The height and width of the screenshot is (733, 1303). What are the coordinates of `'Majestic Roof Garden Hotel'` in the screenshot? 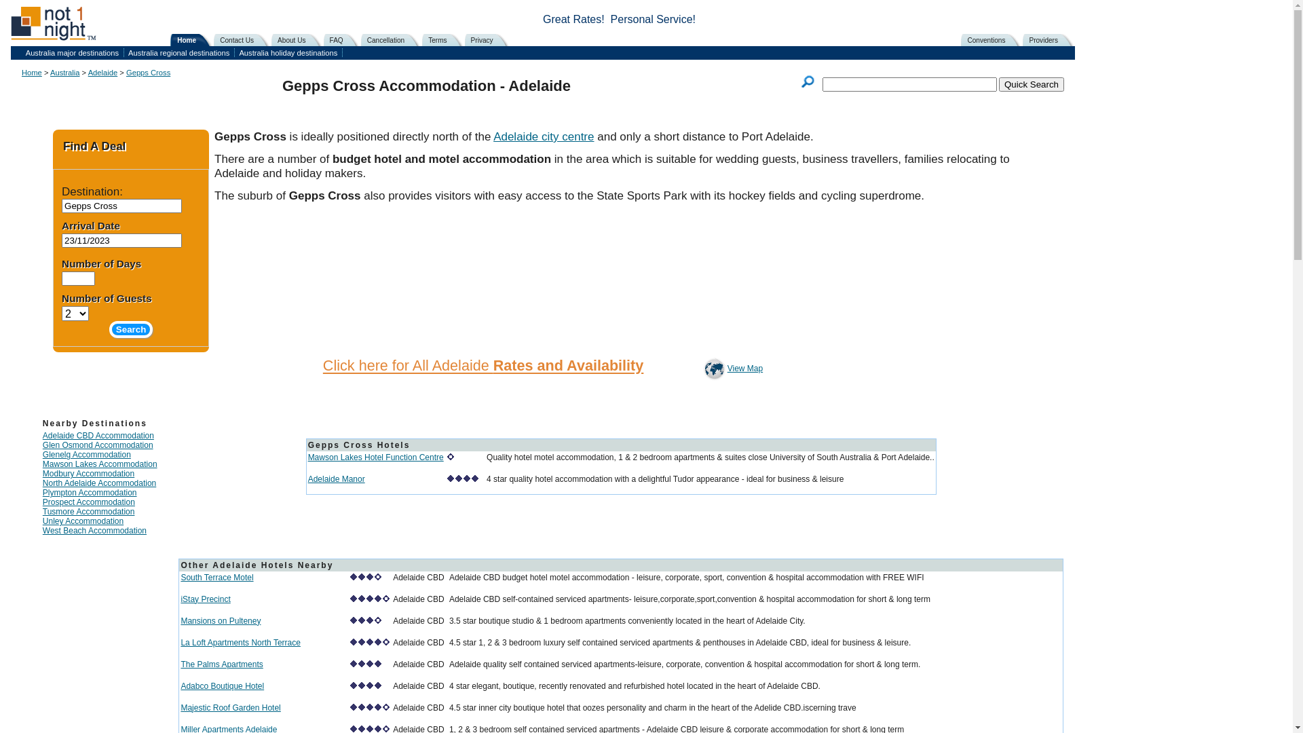 It's located at (230, 707).